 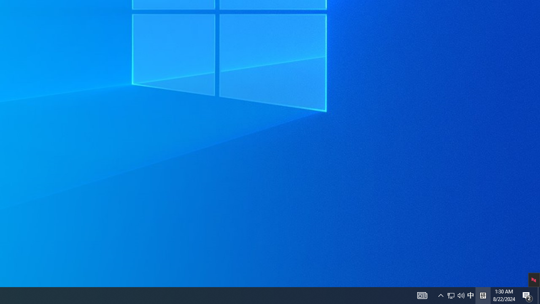 What do you see at coordinates (527, 295) in the screenshot?
I see `'Action Center, 2 new notifications'` at bounding box center [527, 295].